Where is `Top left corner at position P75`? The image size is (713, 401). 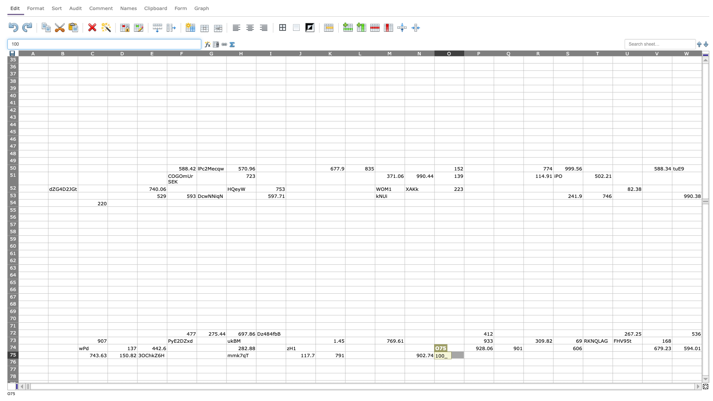
Top left corner at position P75 is located at coordinates (463, 351).